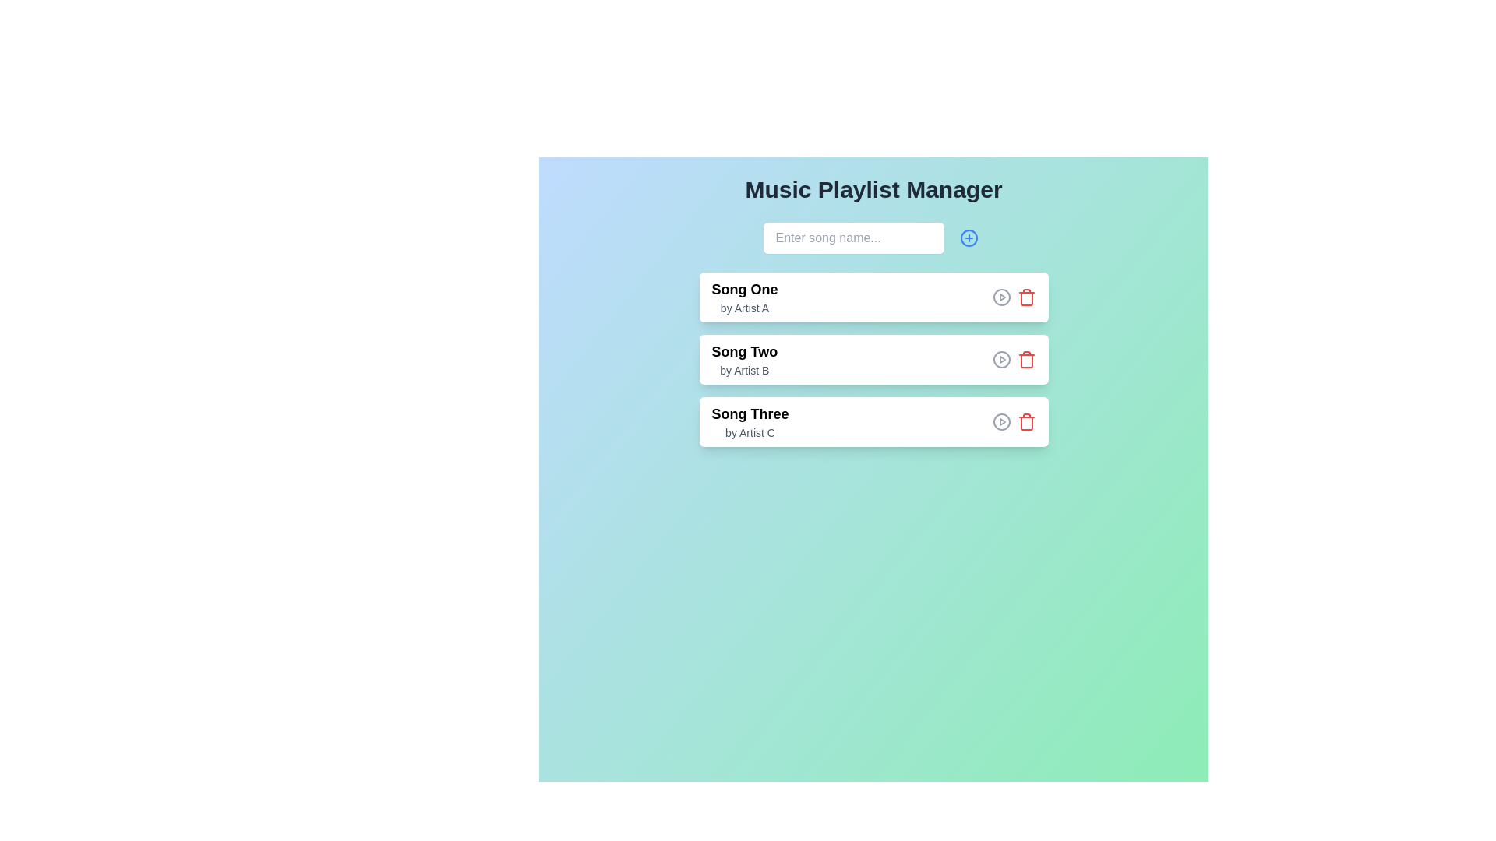  What do you see at coordinates (1001, 422) in the screenshot?
I see `the Circle in the SVG play button located in the bottom right corner of 'Song Three by Artist C'` at bounding box center [1001, 422].